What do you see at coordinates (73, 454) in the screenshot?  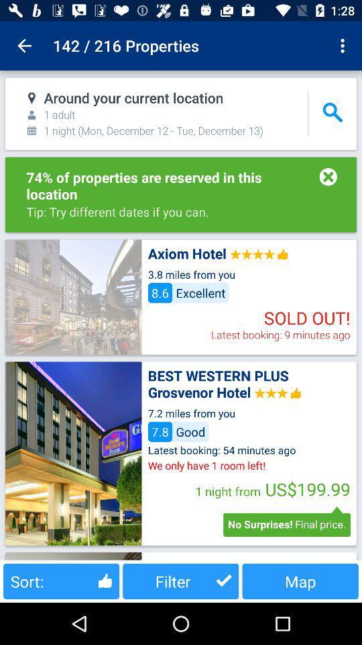 I see `open hotel page` at bounding box center [73, 454].